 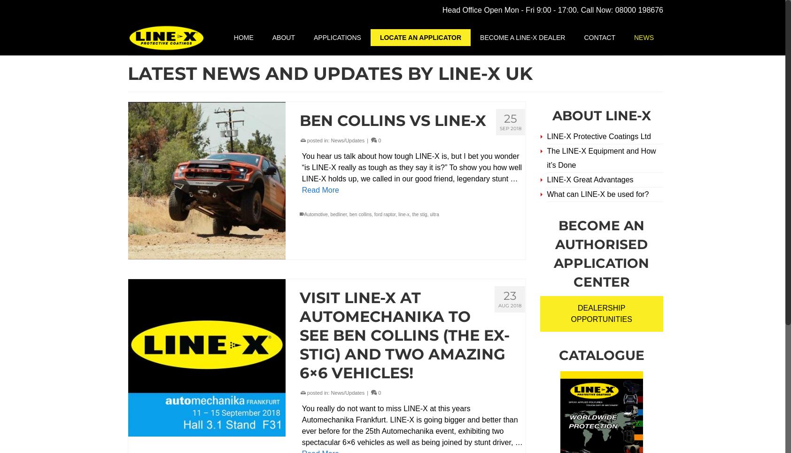 I want to click on 'Dealership Opportunities', so click(x=571, y=313).